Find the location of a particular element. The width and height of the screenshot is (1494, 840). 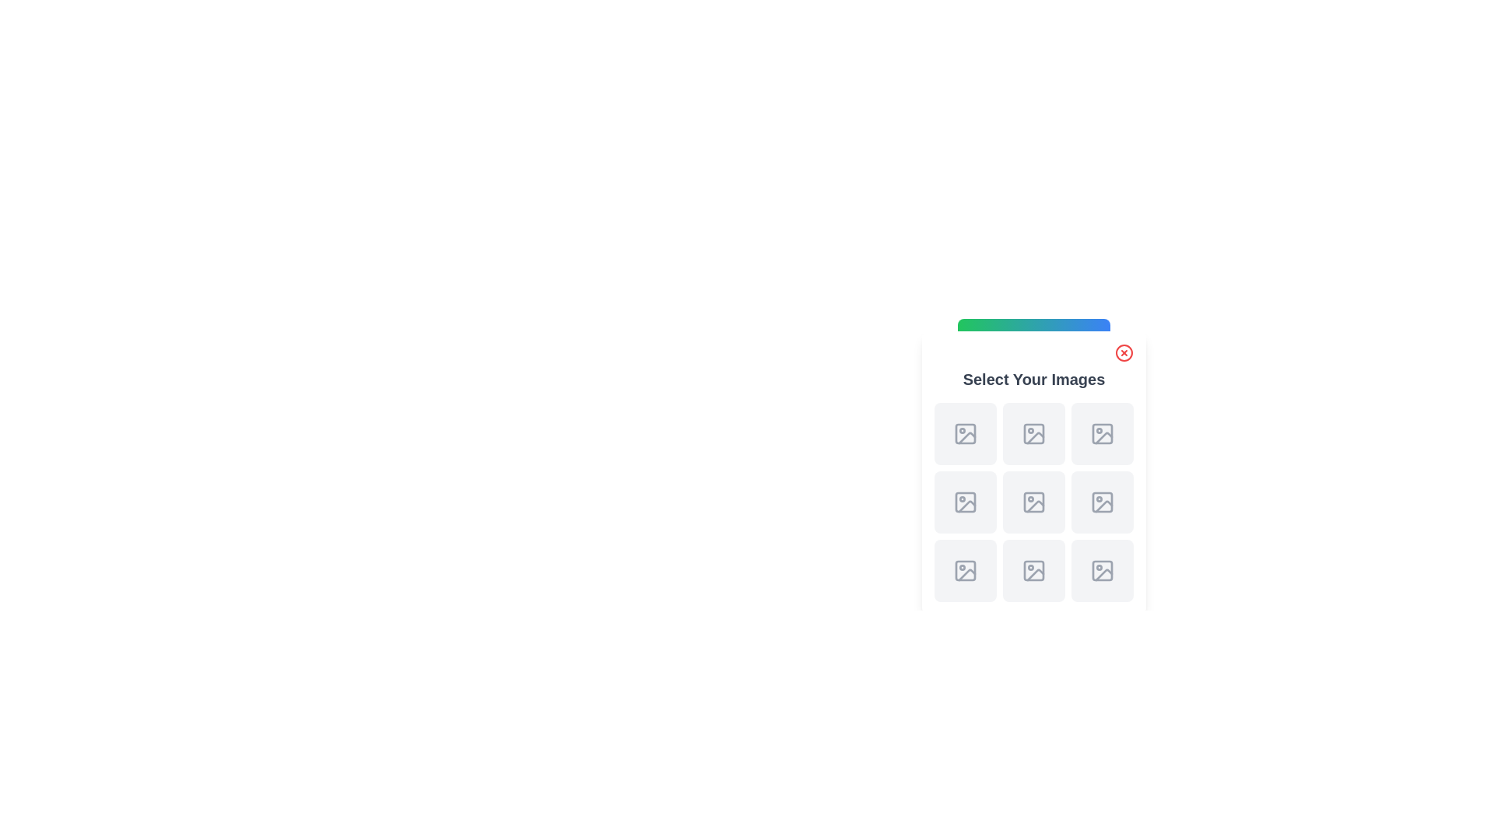

the error or placeholder icon in the UI grid layout that represents a missing image, located in the middle cell of the bottom row is located at coordinates (1035, 506).